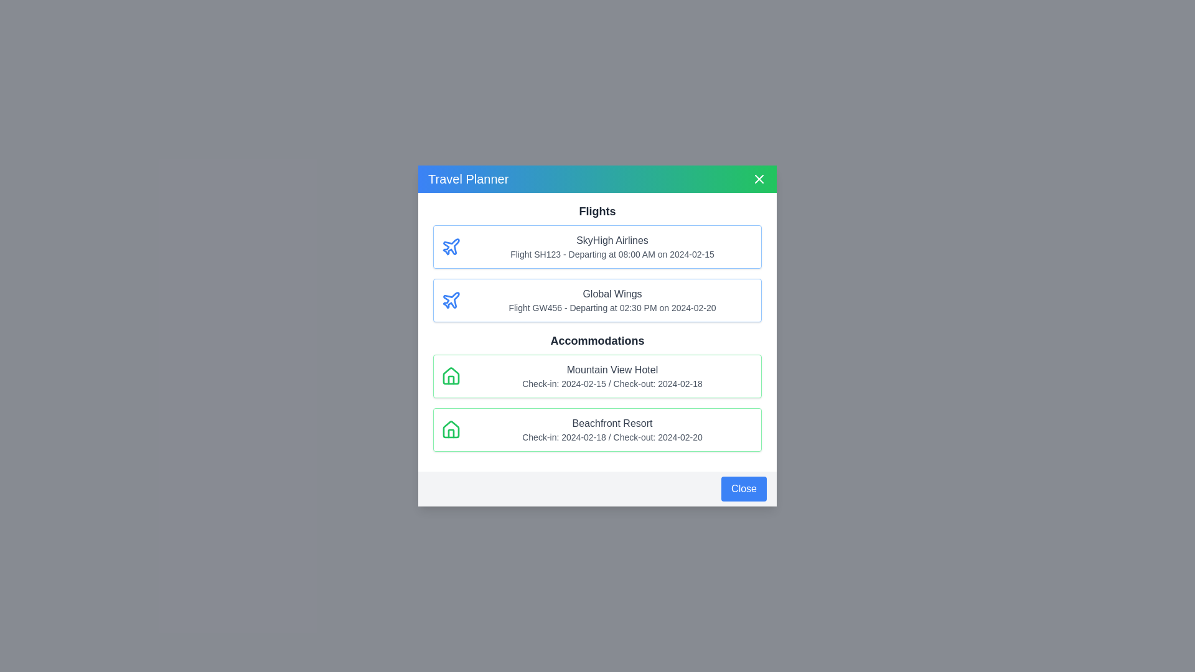  I want to click on the 'Accommodations' header, which is styled in bold dark gray and is the third header in the vertical sequence of section headers, located between 'Global Wings' flight details and 'Mountain View Hotel.', so click(597, 340).